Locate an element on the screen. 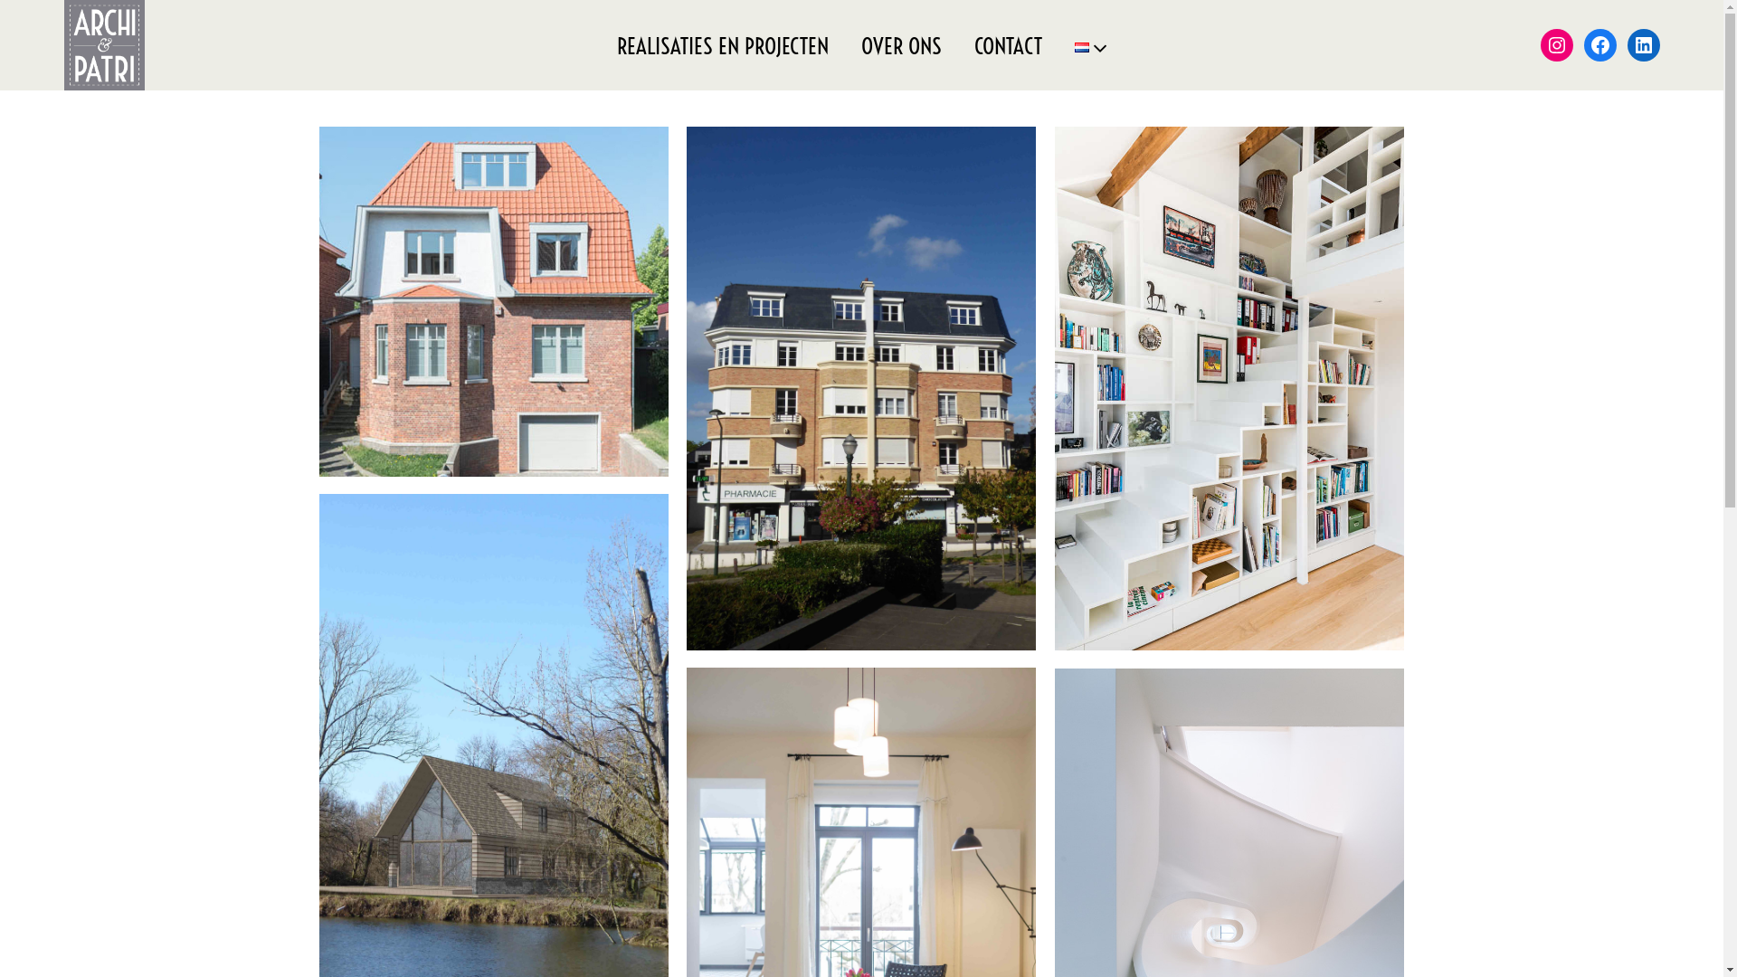  'Facebook' is located at coordinates (1583, 44).